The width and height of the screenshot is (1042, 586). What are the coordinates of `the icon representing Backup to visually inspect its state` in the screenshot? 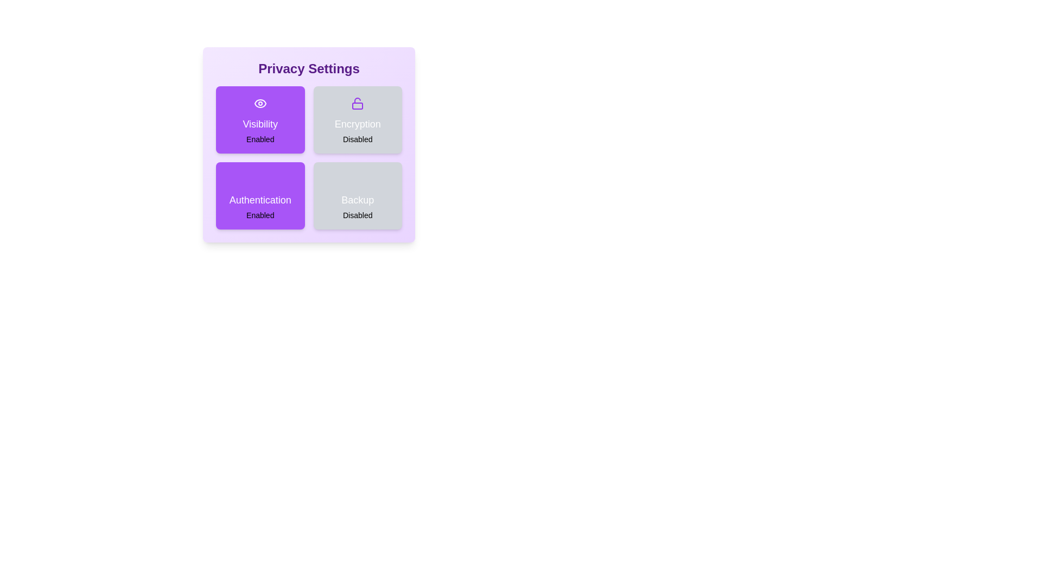 It's located at (358, 179).